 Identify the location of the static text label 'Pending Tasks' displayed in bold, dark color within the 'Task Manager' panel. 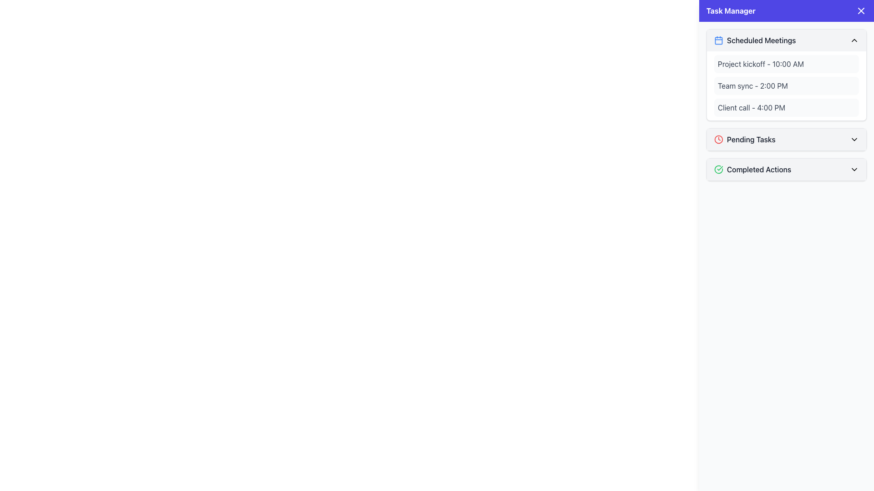
(751, 140).